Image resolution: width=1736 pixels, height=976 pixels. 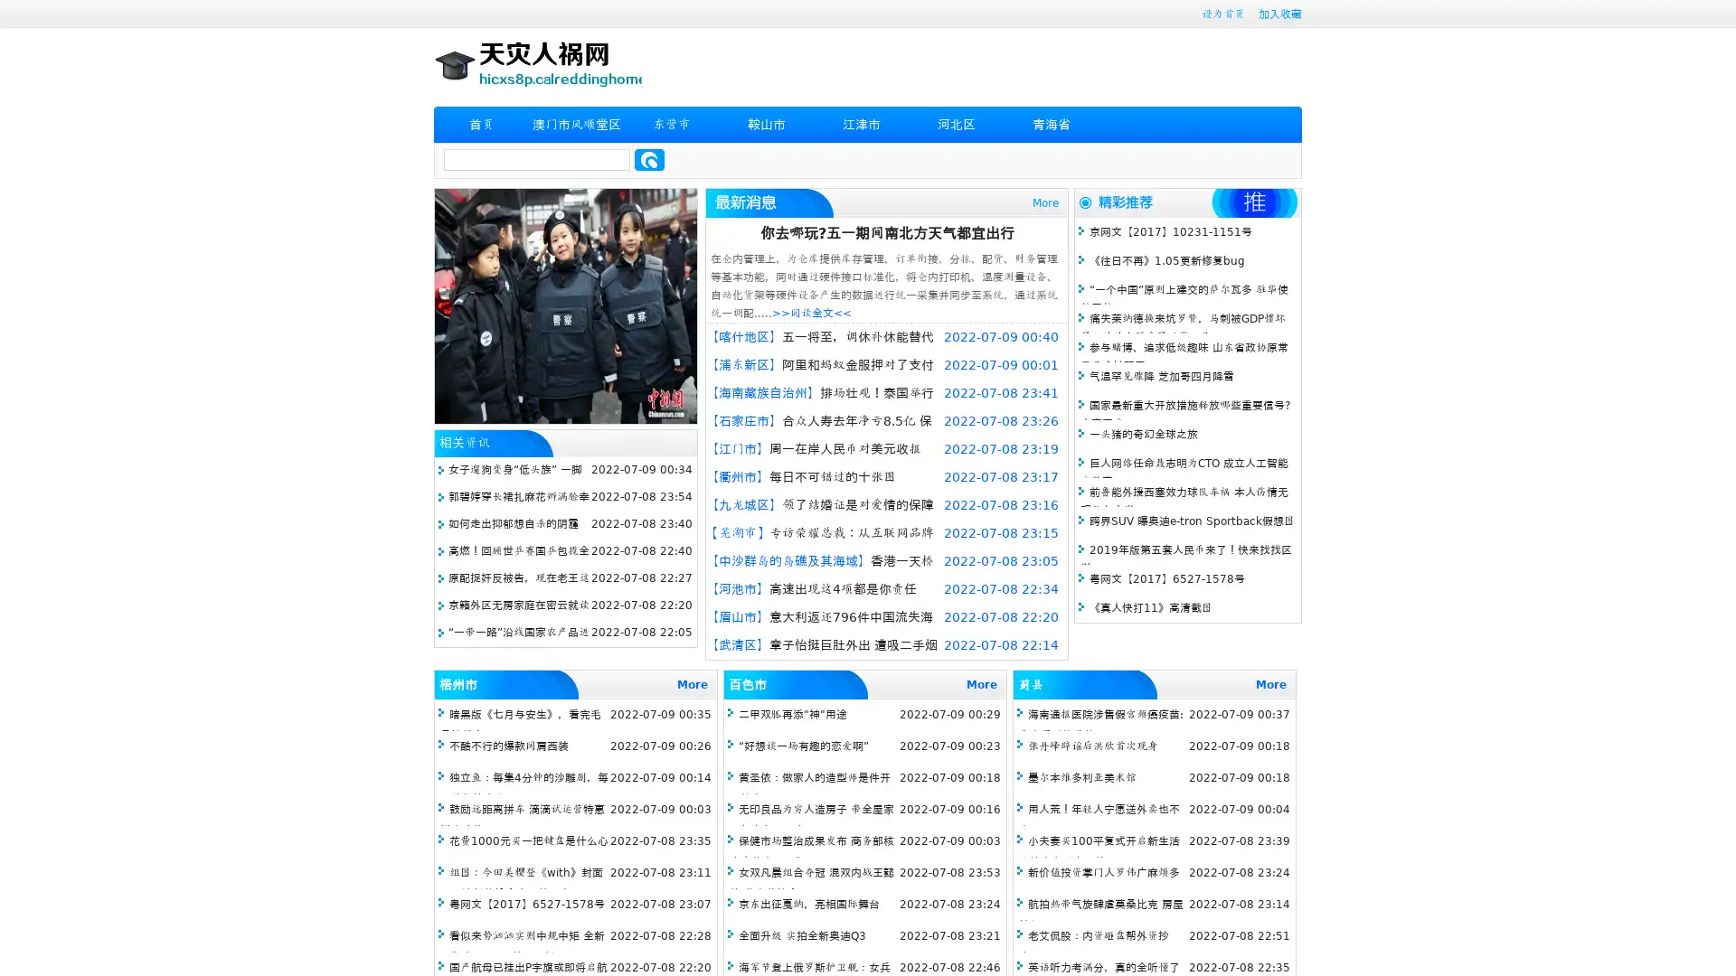 I want to click on Search, so click(x=649, y=159).